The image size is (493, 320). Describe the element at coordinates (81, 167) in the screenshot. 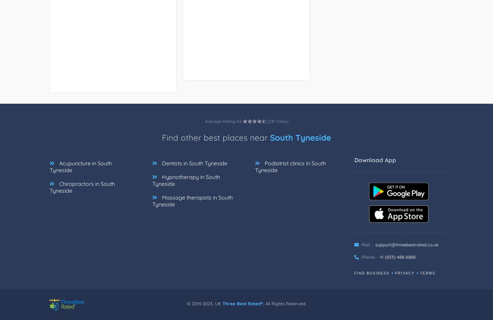

I see `'Acupuncture in South Tyneside'` at that location.